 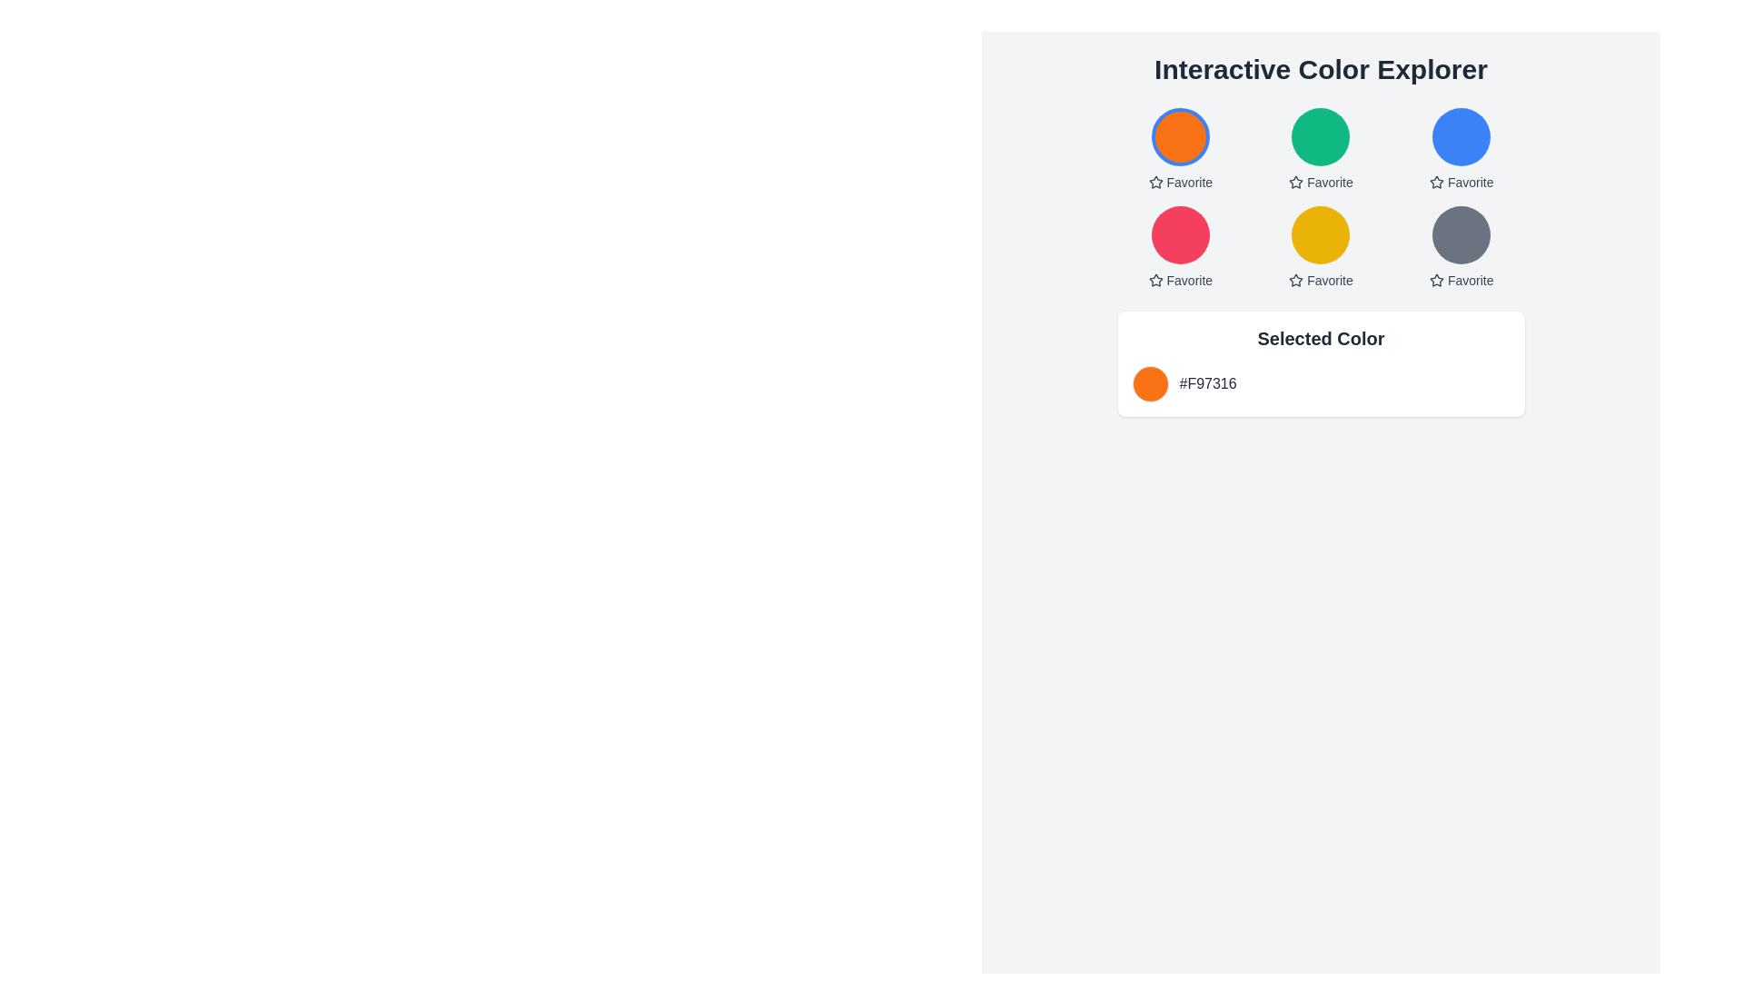 What do you see at coordinates (1154, 280) in the screenshot?
I see `the star-like icon with a hollow center located in the second row, first column of the grid of color selectors` at bounding box center [1154, 280].